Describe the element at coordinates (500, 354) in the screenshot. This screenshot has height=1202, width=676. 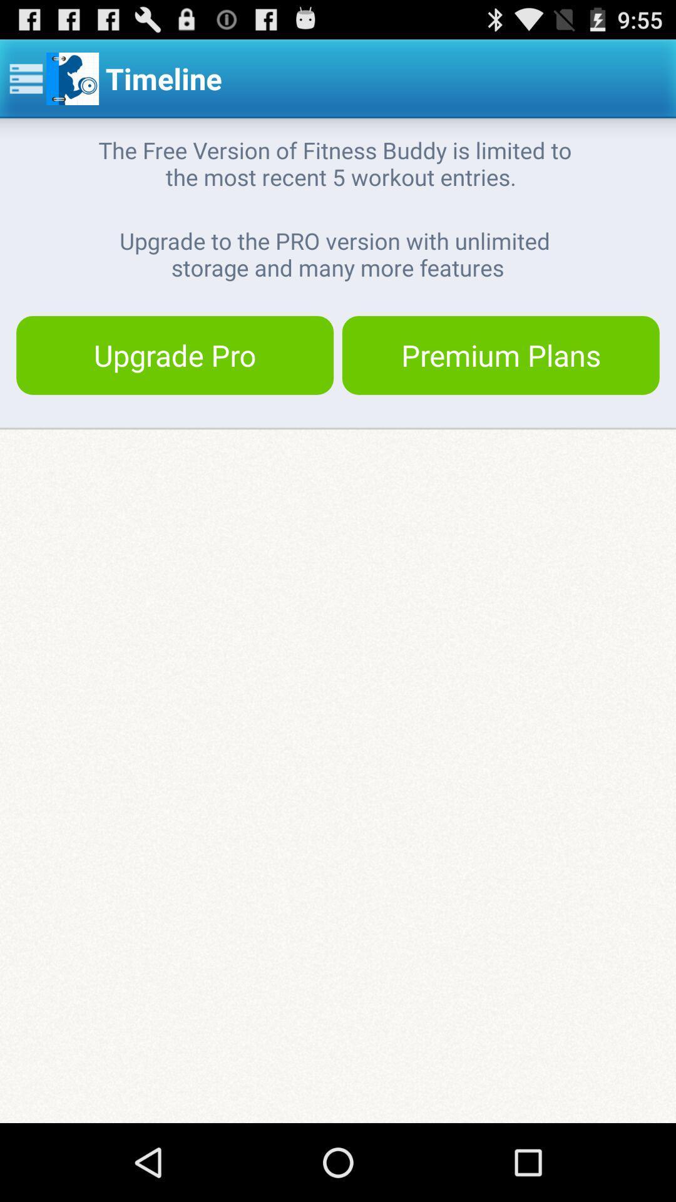
I see `the premium plans button` at that location.